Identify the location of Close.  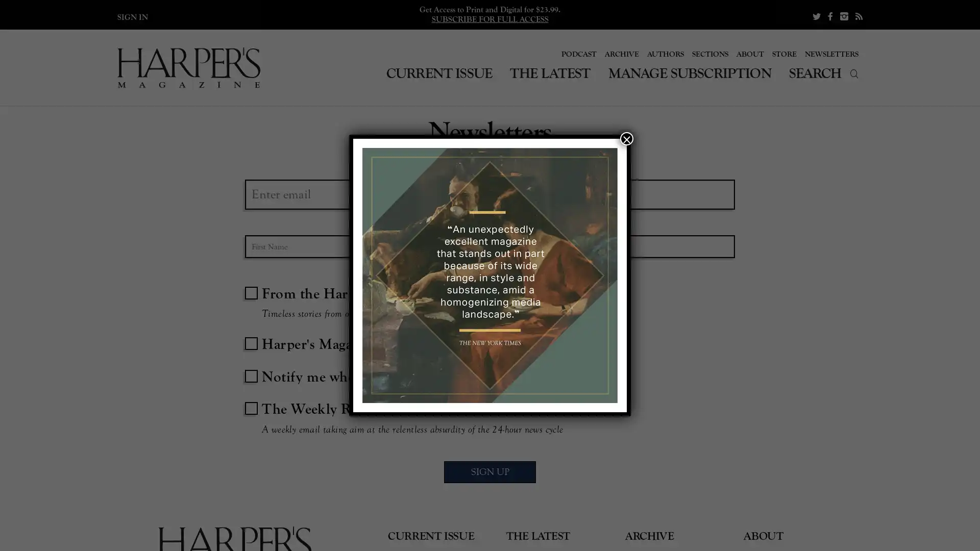
(626, 139).